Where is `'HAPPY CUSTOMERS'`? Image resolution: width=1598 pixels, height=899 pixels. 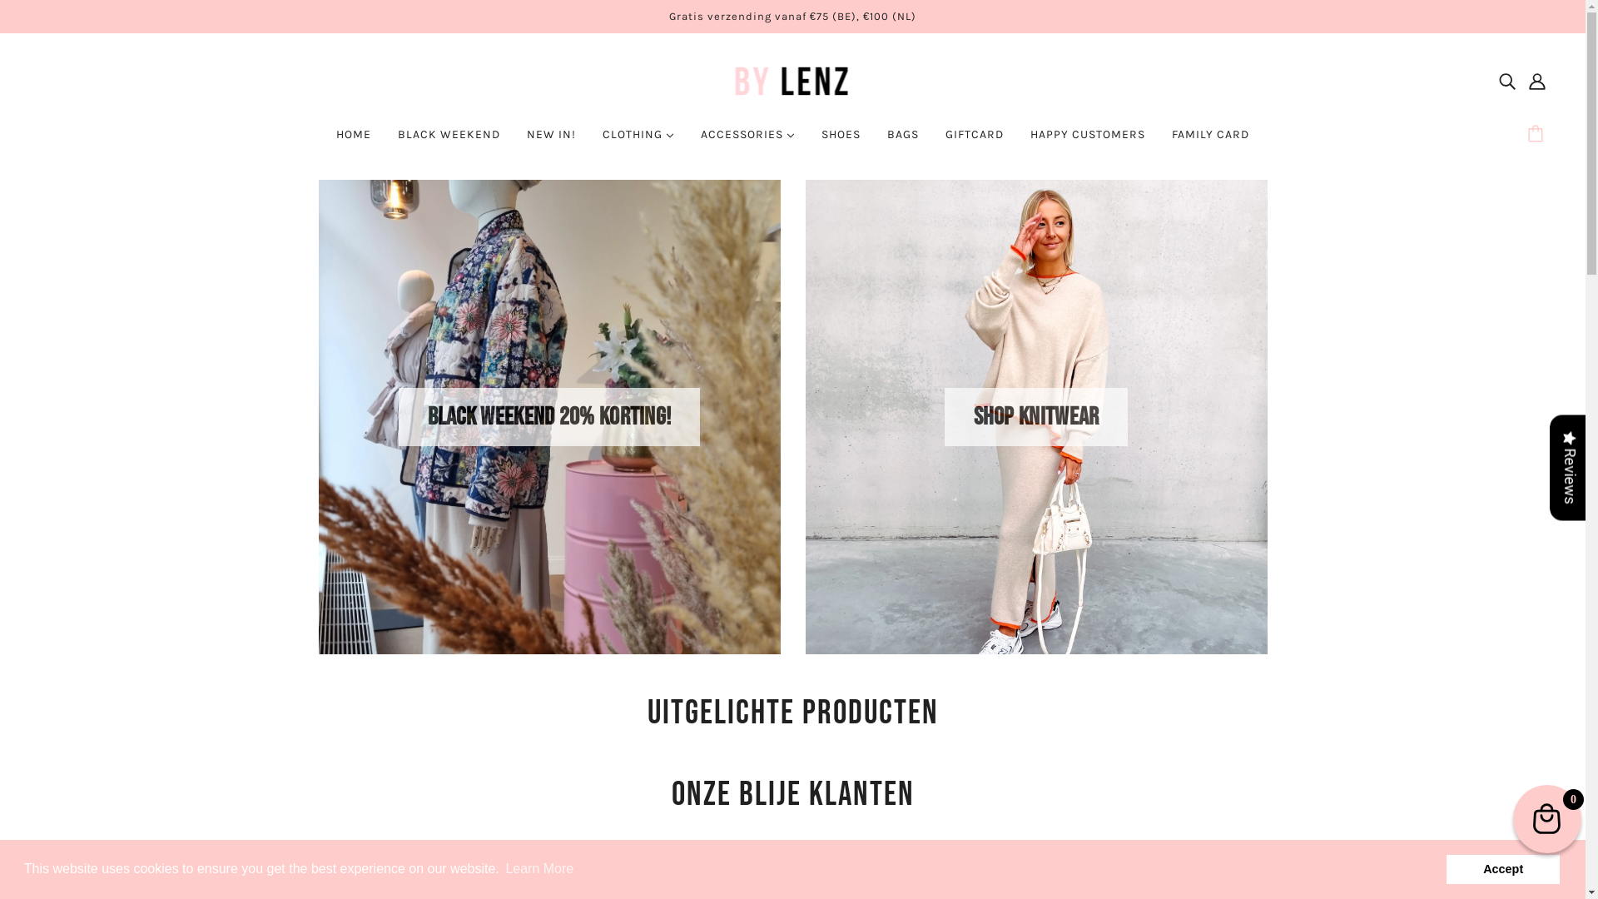 'HAPPY CUSTOMERS' is located at coordinates (1087, 140).